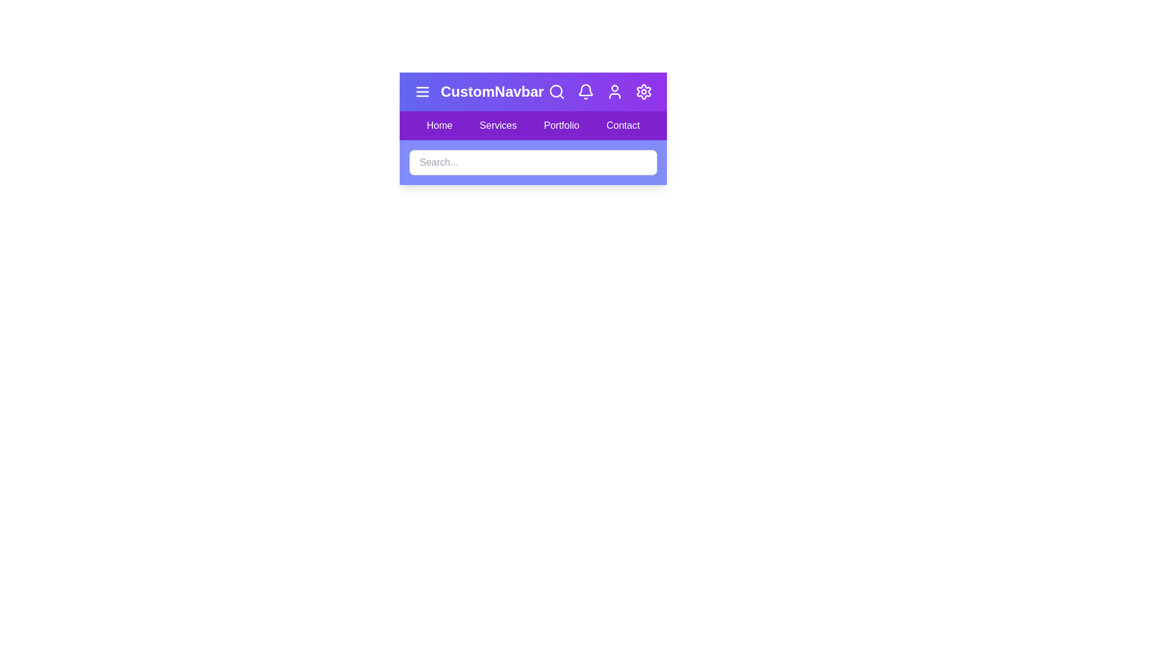 This screenshot has height=653, width=1161. What do you see at coordinates (561, 126) in the screenshot?
I see `the navigation link Portfolio` at bounding box center [561, 126].